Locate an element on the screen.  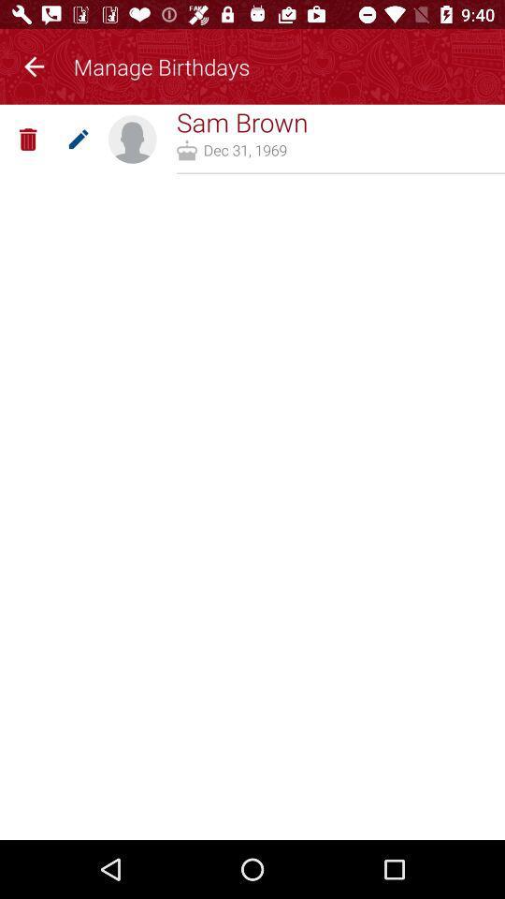
dec 31, 1969 is located at coordinates (245, 149).